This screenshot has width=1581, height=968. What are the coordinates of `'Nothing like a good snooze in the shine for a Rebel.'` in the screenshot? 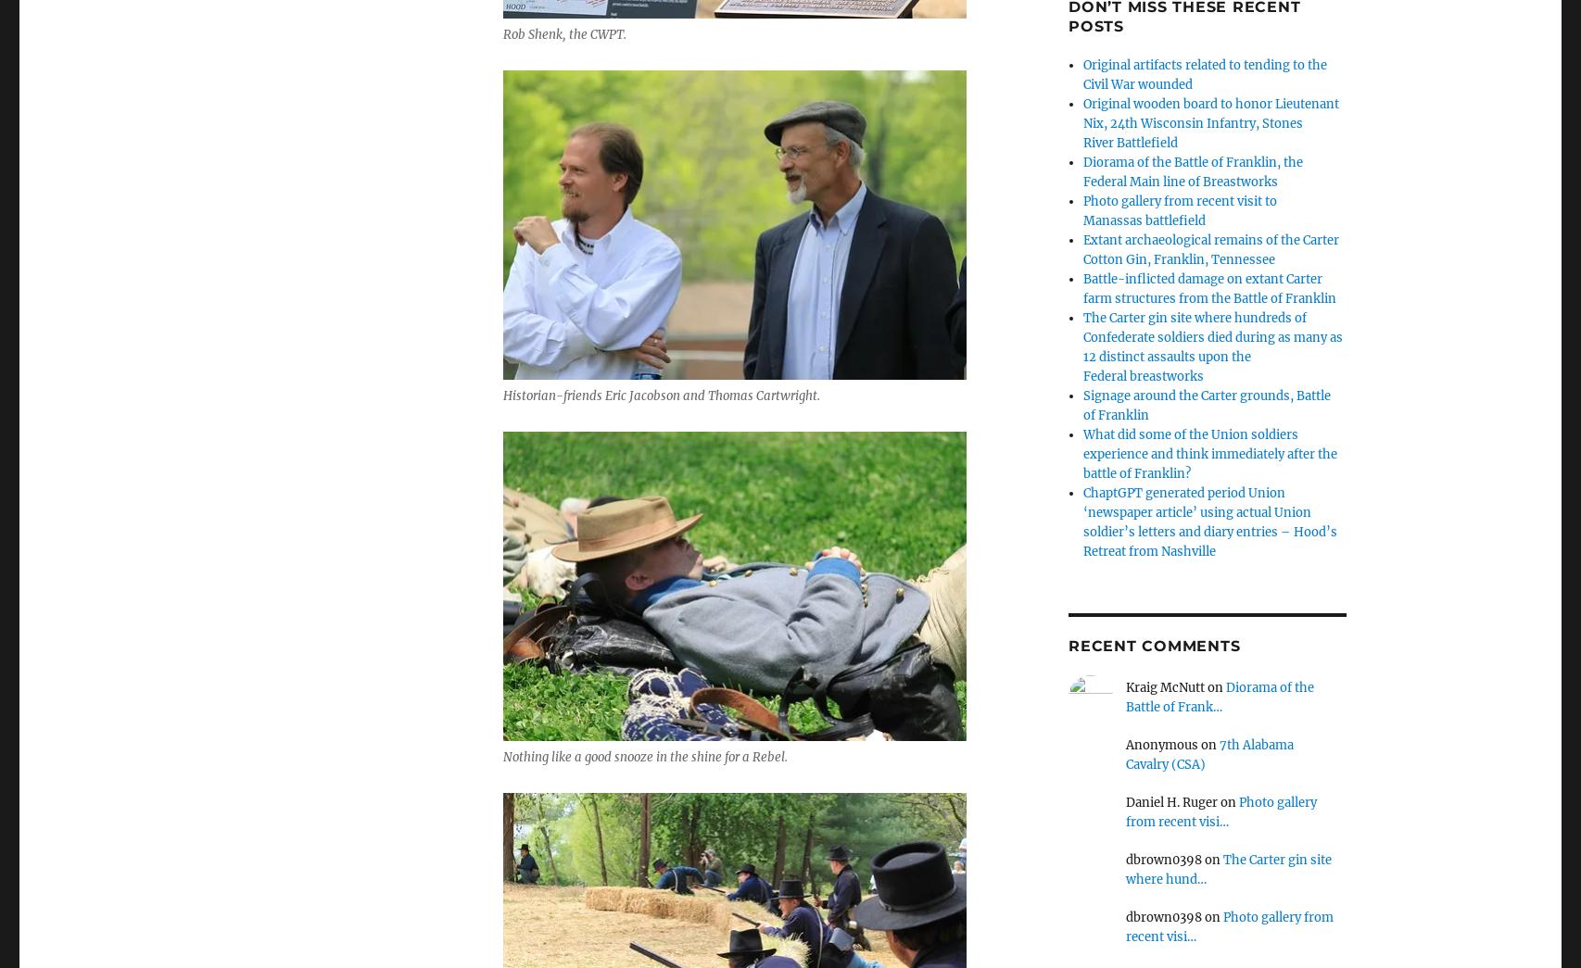 It's located at (502, 755).